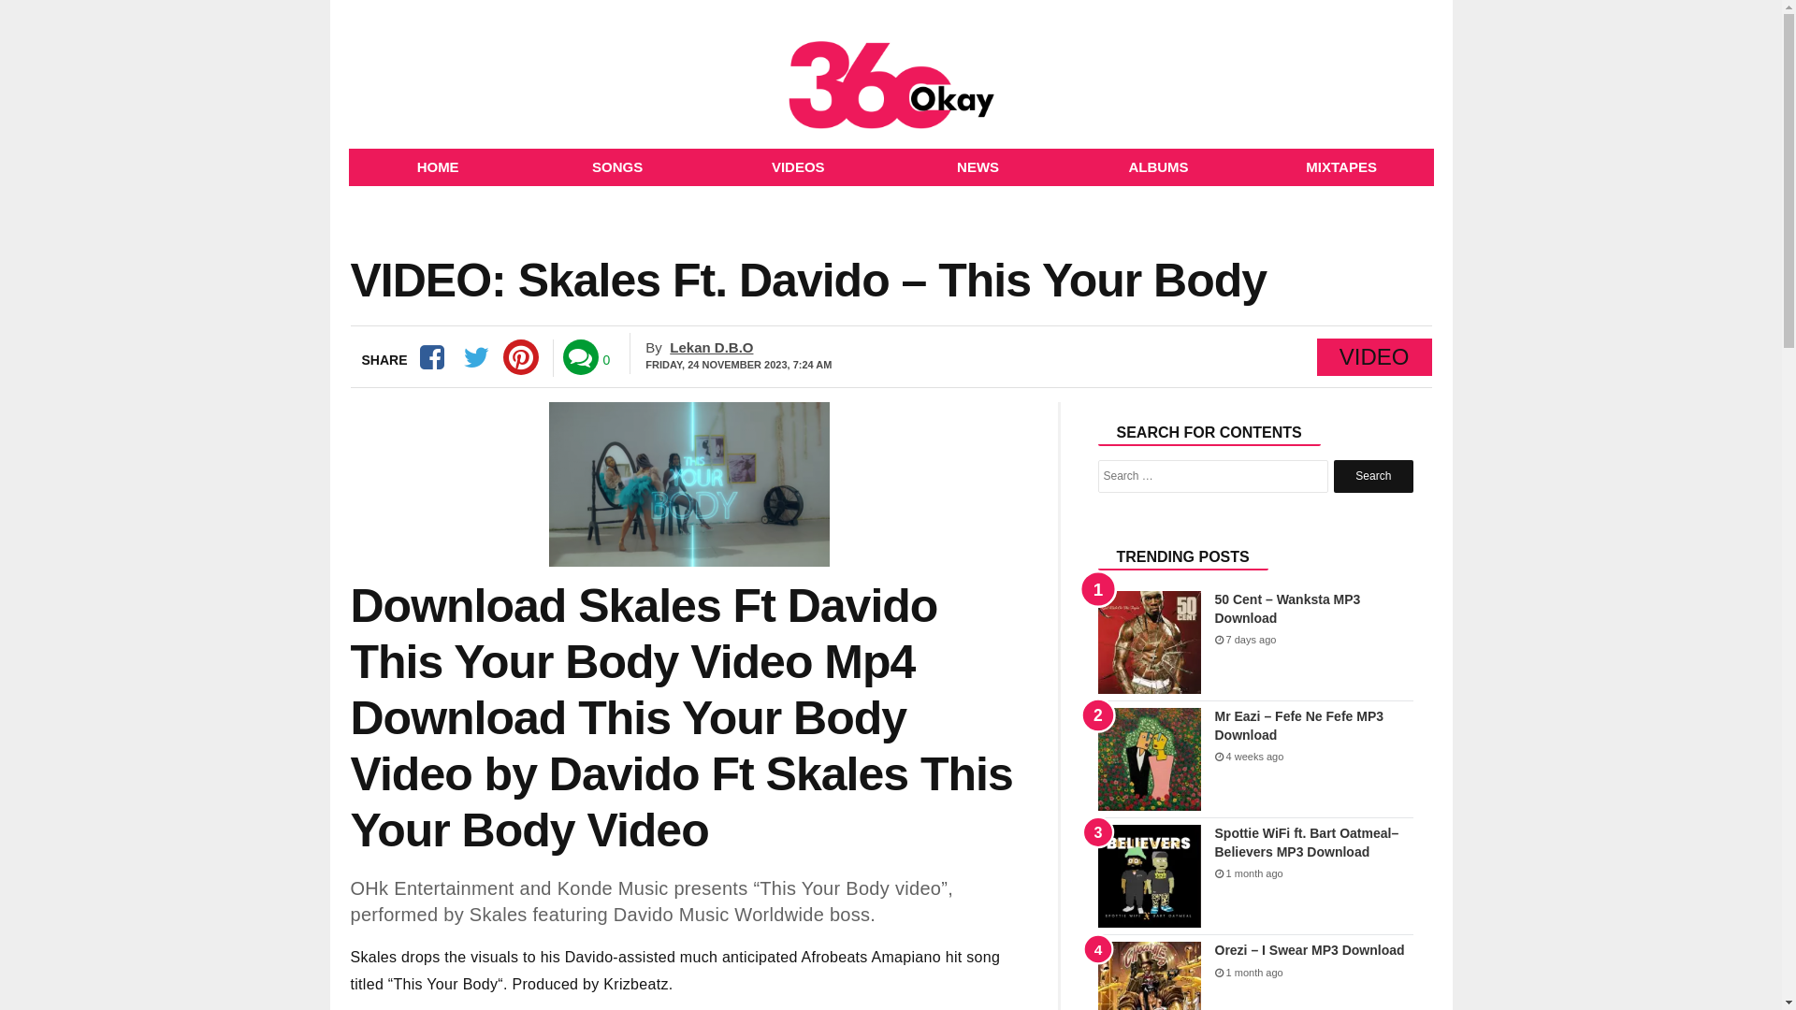 The height and width of the screenshot is (1010, 1796). What do you see at coordinates (475, 356) in the screenshot?
I see `'Twitter'` at bounding box center [475, 356].